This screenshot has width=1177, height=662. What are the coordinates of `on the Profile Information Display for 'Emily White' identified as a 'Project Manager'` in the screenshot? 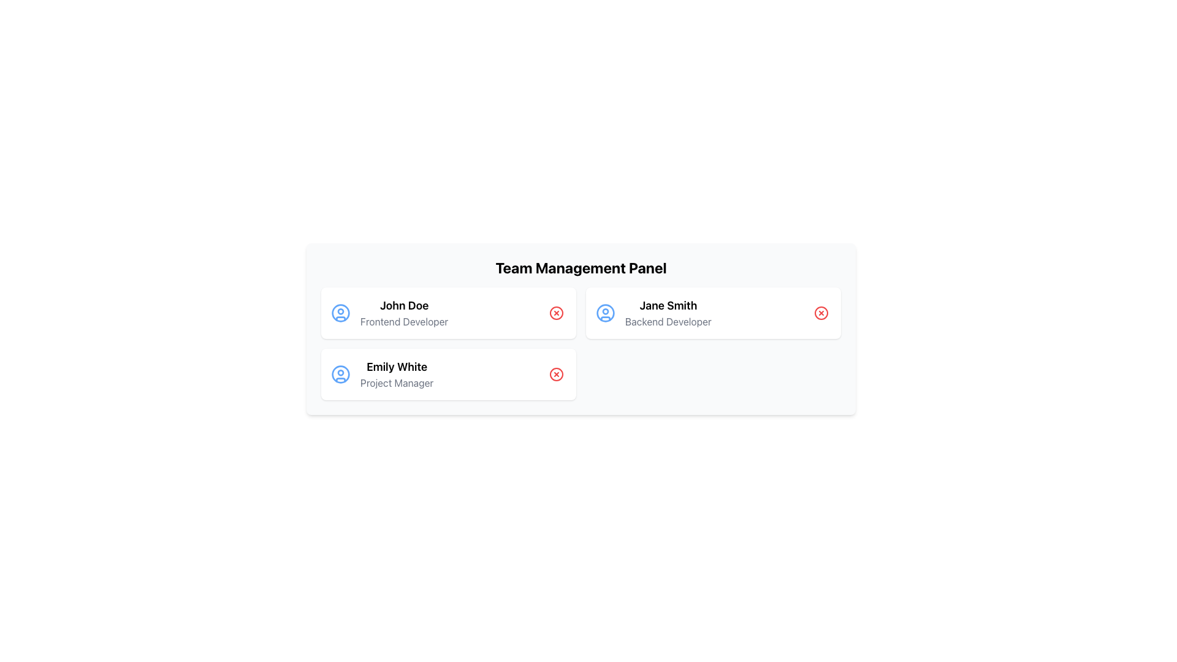 It's located at (381, 373).